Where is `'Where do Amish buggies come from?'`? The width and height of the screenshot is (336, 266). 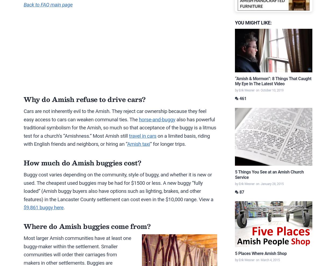 'Where do Amish buggies come from?' is located at coordinates (87, 226).